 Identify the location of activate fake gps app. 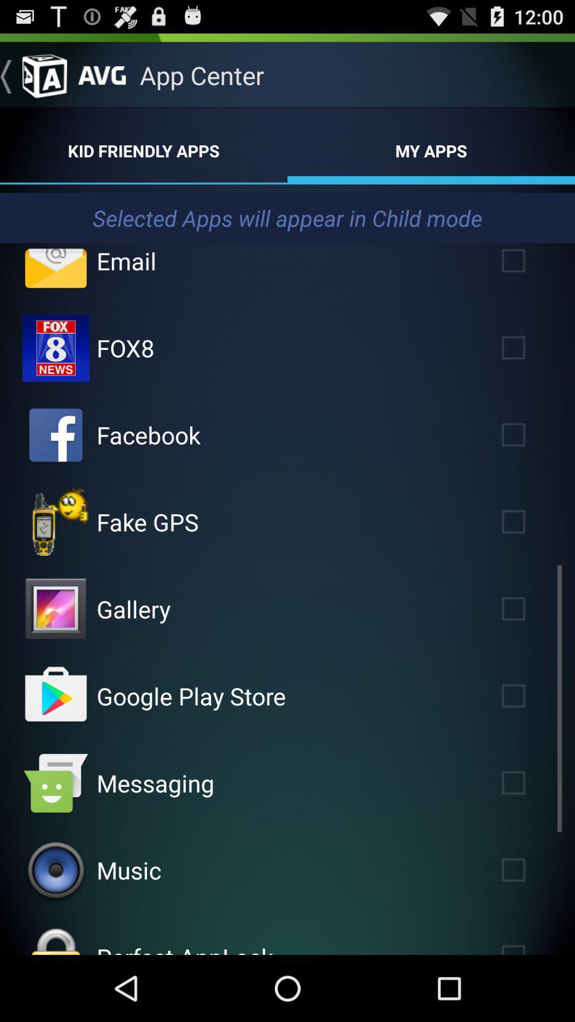
(529, 522).